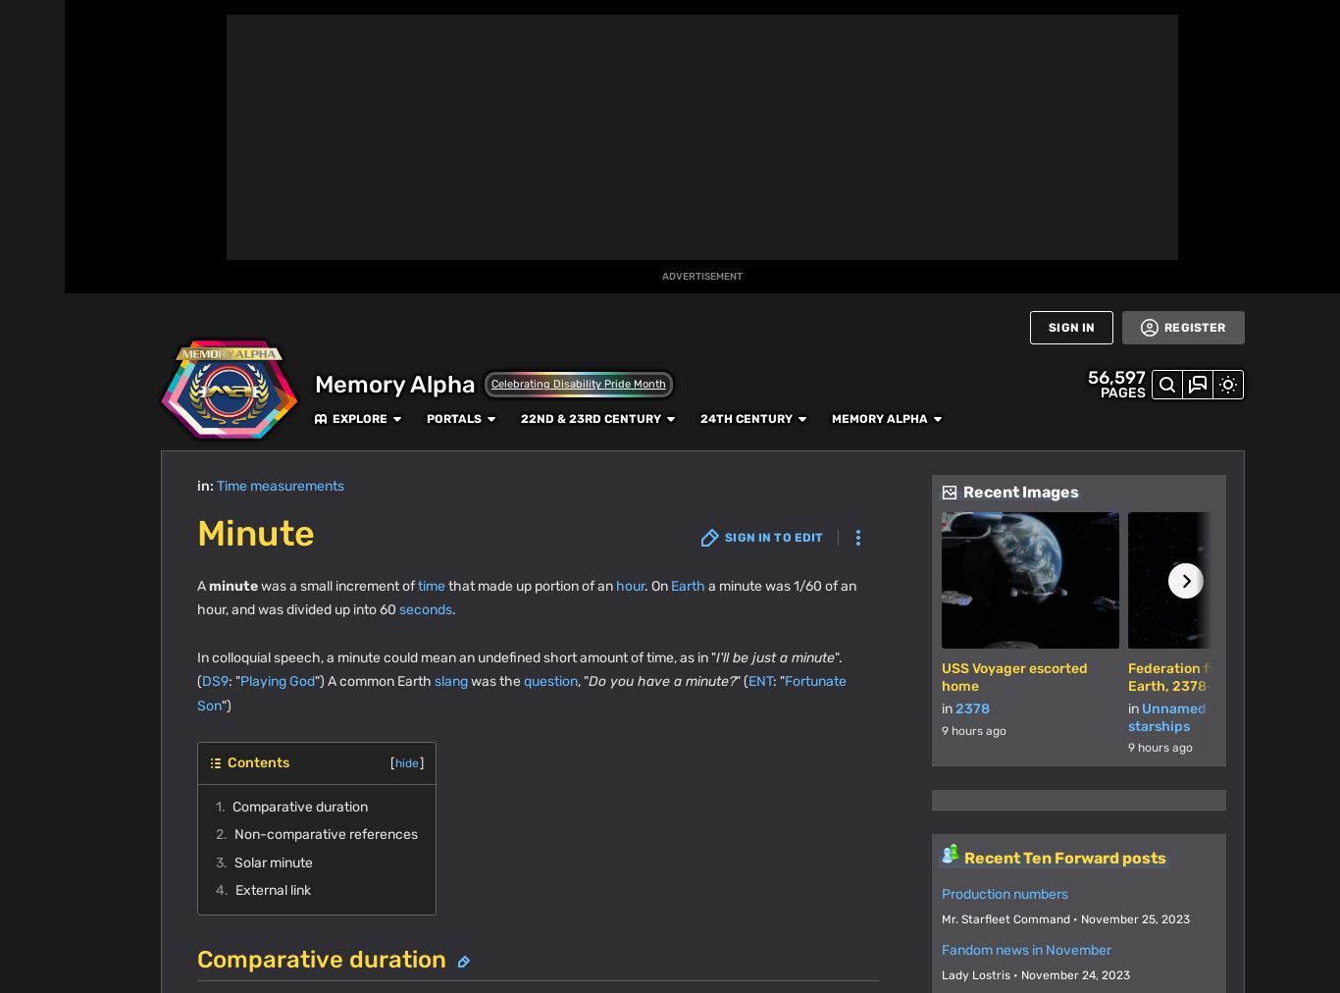 The width and height of the screenshot is (1340, 993). I want to click on 'Contact', so click(490, 938).